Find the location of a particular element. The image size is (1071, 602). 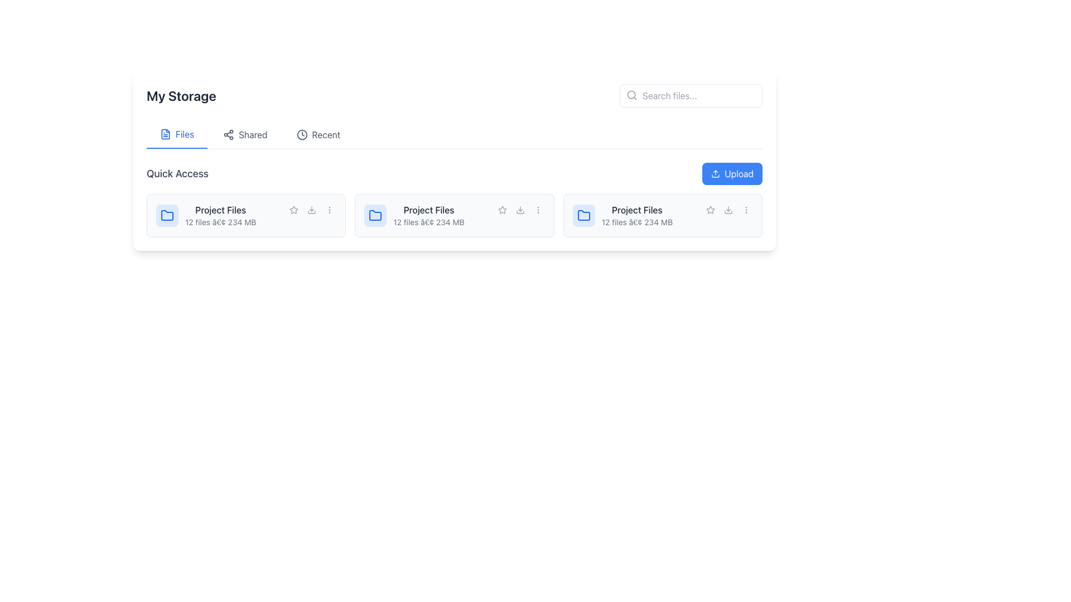

the 'Recent' label in the navigation bar is located at coordinates (325, 134).